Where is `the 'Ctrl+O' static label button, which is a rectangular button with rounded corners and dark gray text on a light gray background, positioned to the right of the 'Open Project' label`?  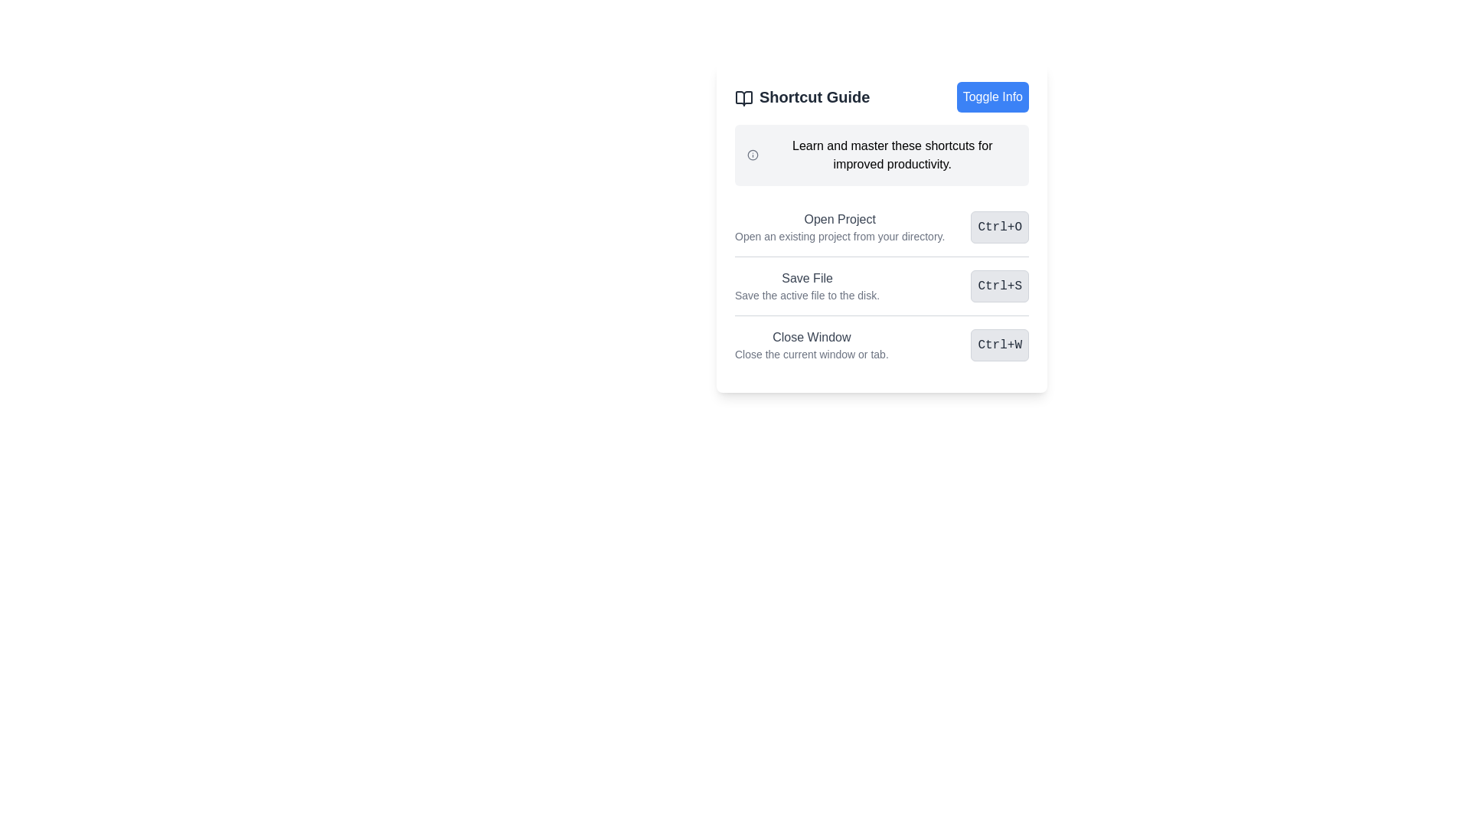 the 'Ctrl+O' static label button, which is a rectangular button with rounded corners and dark gray text on a light gray background, positioned to the right of the 'Open Project' label is located at coordinates (1000, 227).